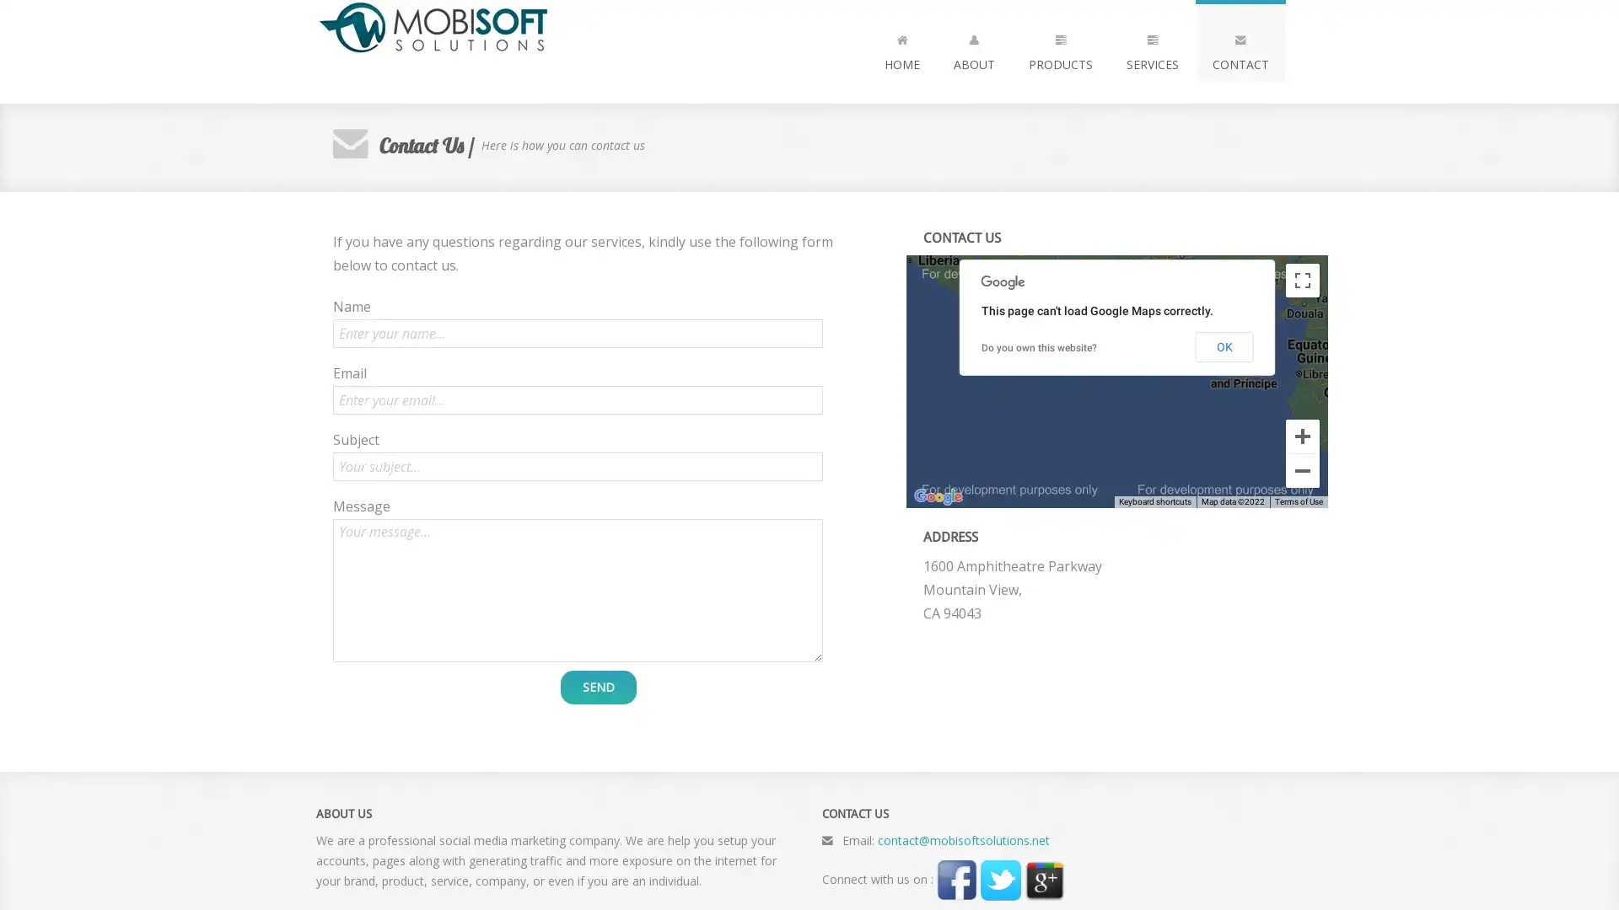 The height and width of the screenshot is (910, 1619). Describe the element at coordinates (1154, 501) in the screenshot. I see `Keyboard shortcuts` at that location.